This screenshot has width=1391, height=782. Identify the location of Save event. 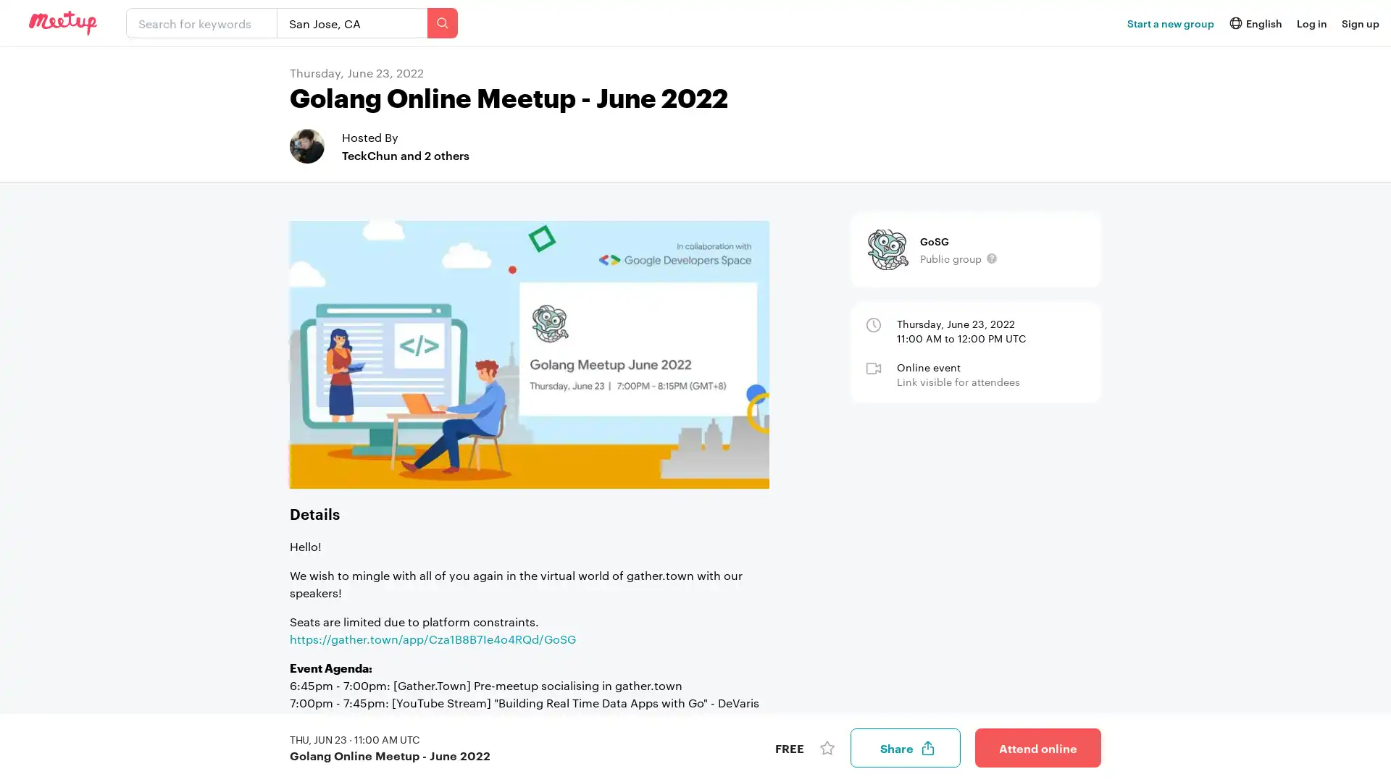
(827, 748).